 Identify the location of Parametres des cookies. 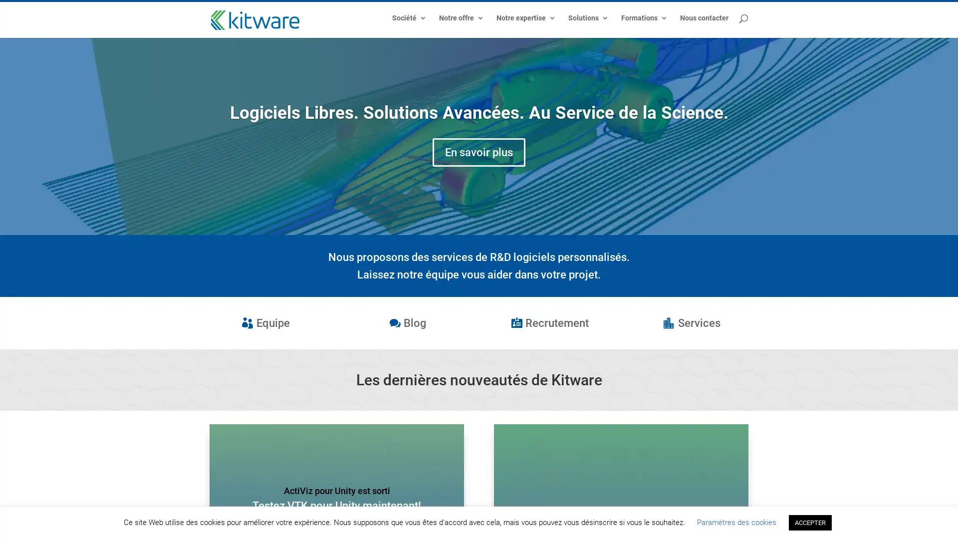
(736, 522).